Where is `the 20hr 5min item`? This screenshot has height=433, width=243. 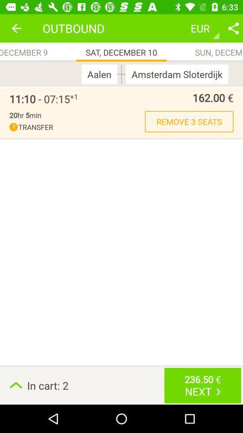 the 20hr 5min item is located at coordinates (25, 115).